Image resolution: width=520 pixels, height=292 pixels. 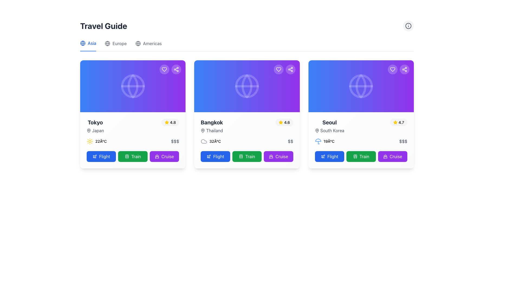 What do you see at coordinates (133, 156) in the screenshot?
I see `the 'Train' button with a green background and white text located in the middle of three buttons at the bottom of the card displaying details about 'Tokyo, Japan'` at bounding box center [133, 156].